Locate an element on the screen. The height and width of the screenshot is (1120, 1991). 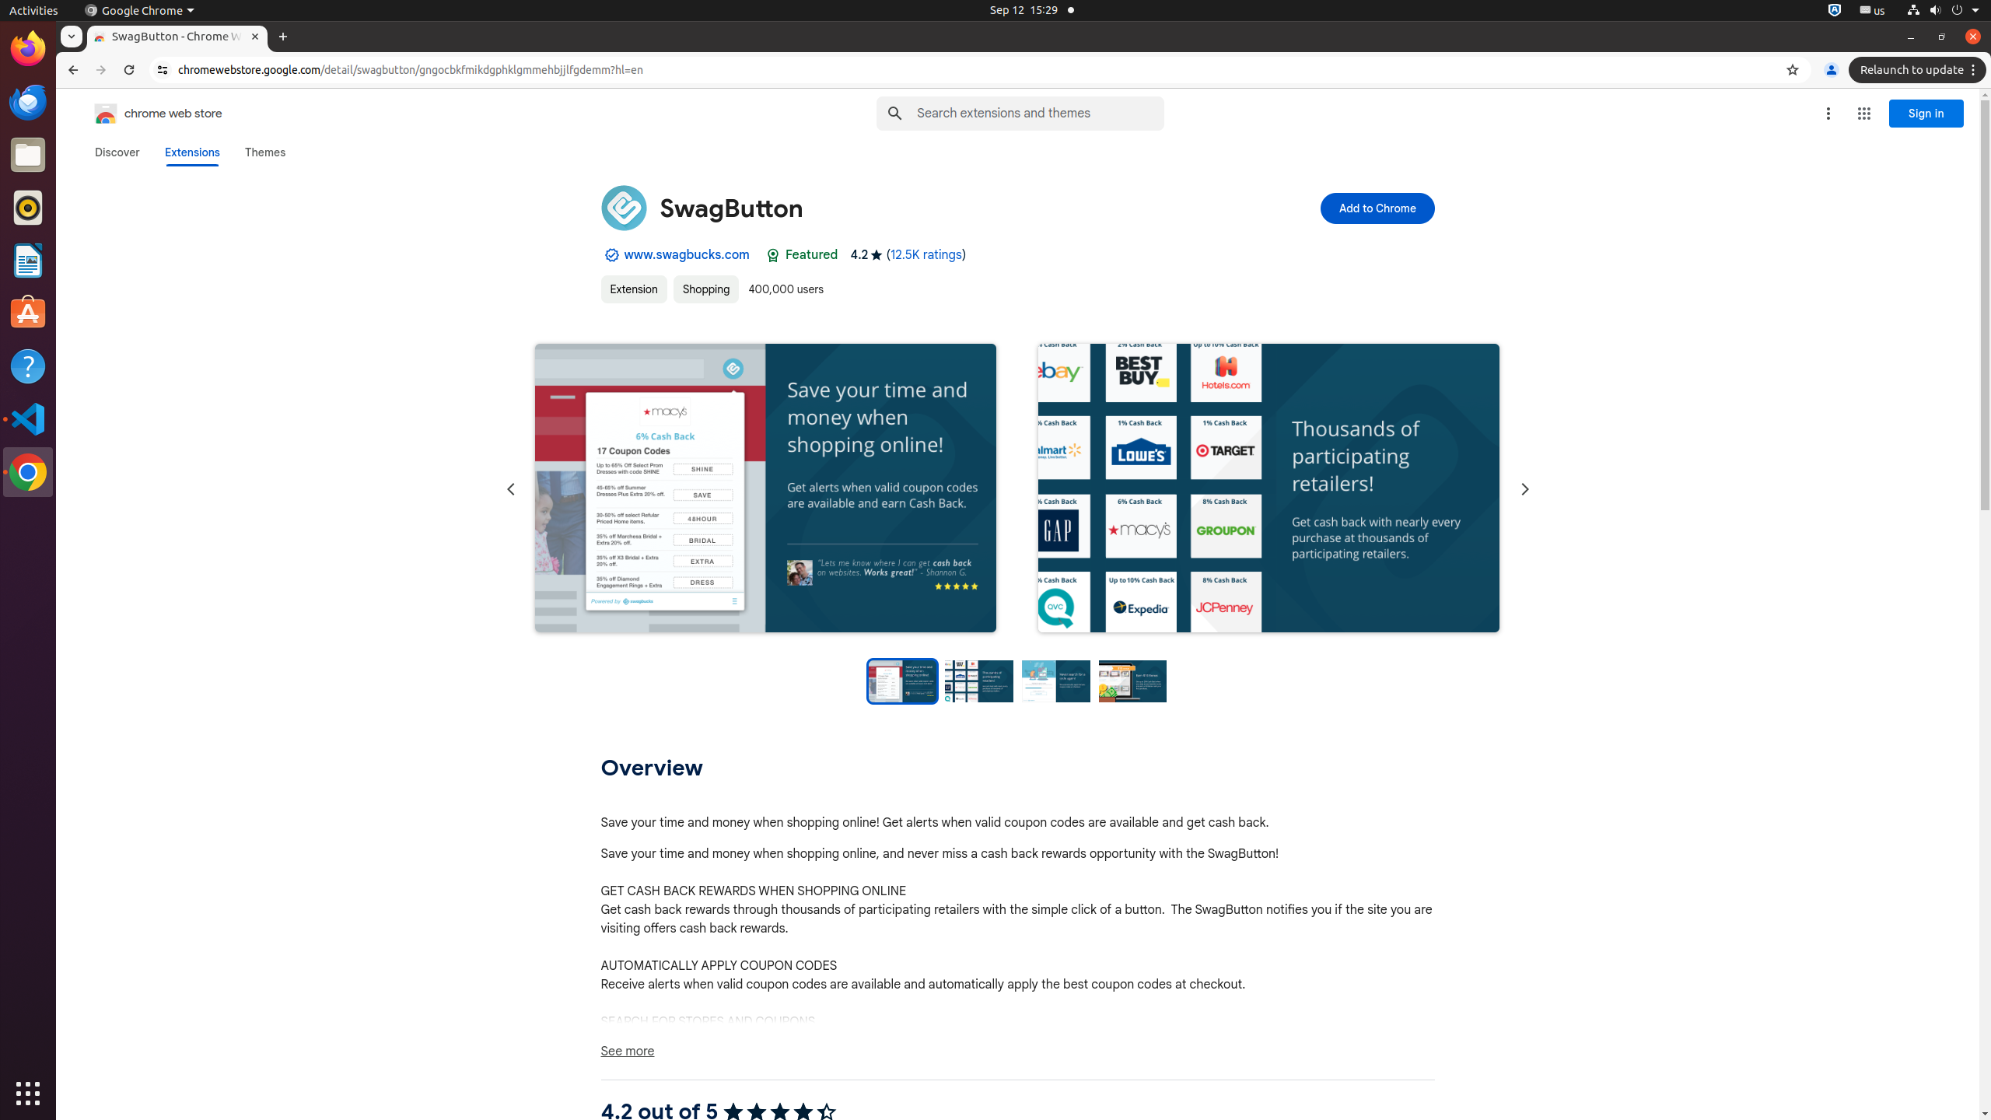
'Forward' is located at coordinates (101, 69).